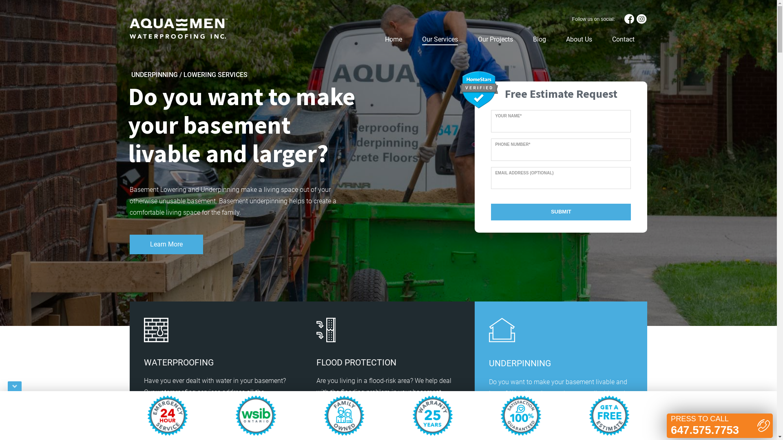 Image resolution: width=783 pixels, height=440 pixels. What do you see at coordinates (667, 425) in the screenshot?
I see `'PRESS TO CALL` at bounding box center [667, 425].